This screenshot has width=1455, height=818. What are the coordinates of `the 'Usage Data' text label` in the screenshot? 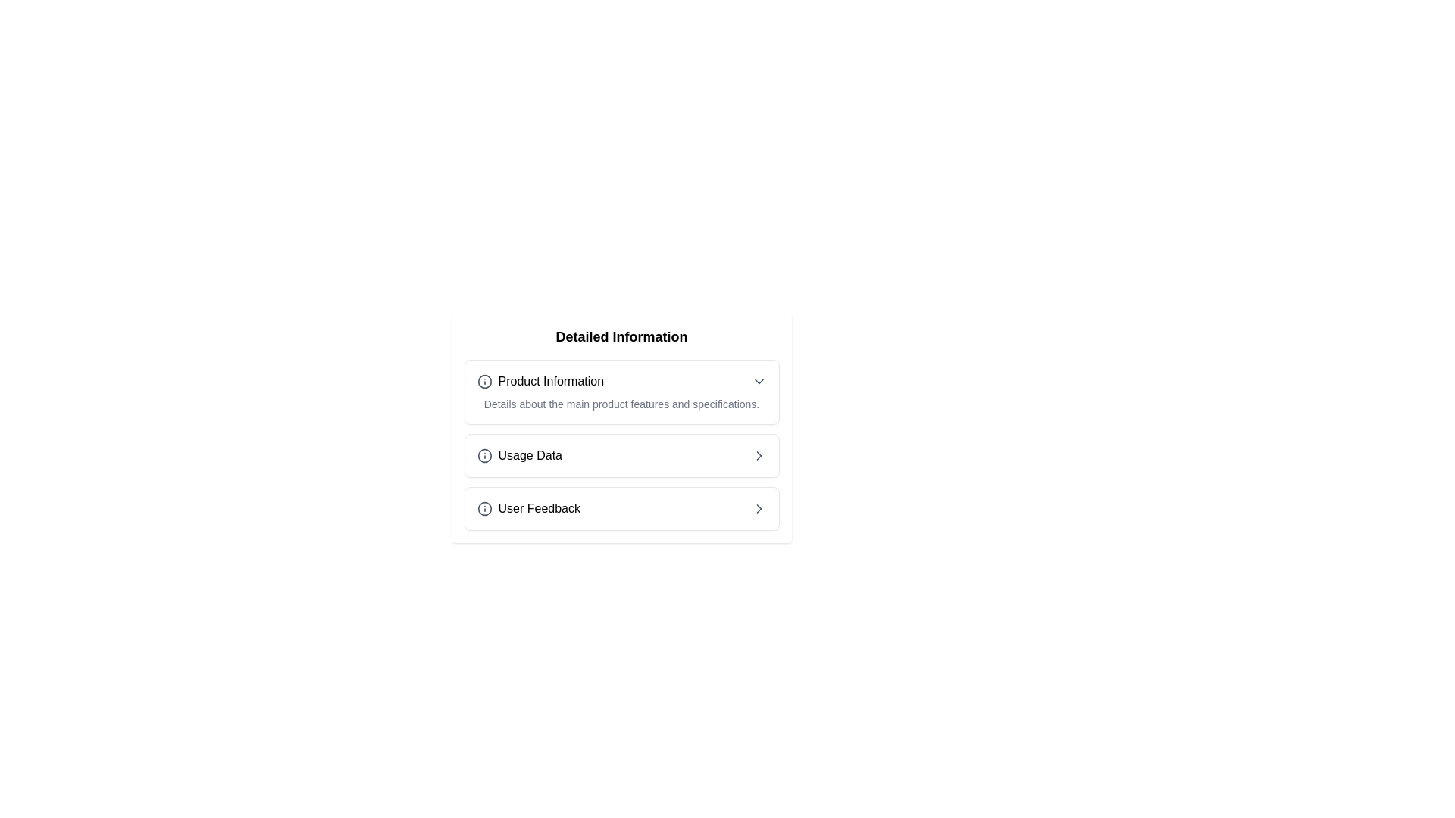 It's located at (530, 454).